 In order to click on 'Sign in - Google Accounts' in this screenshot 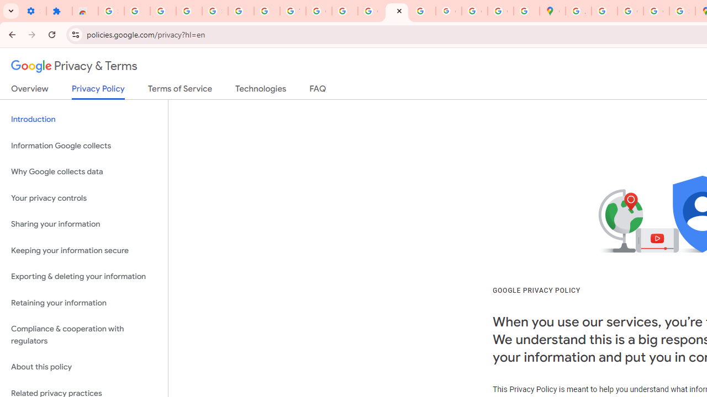, I will do `click(111, 11)`.